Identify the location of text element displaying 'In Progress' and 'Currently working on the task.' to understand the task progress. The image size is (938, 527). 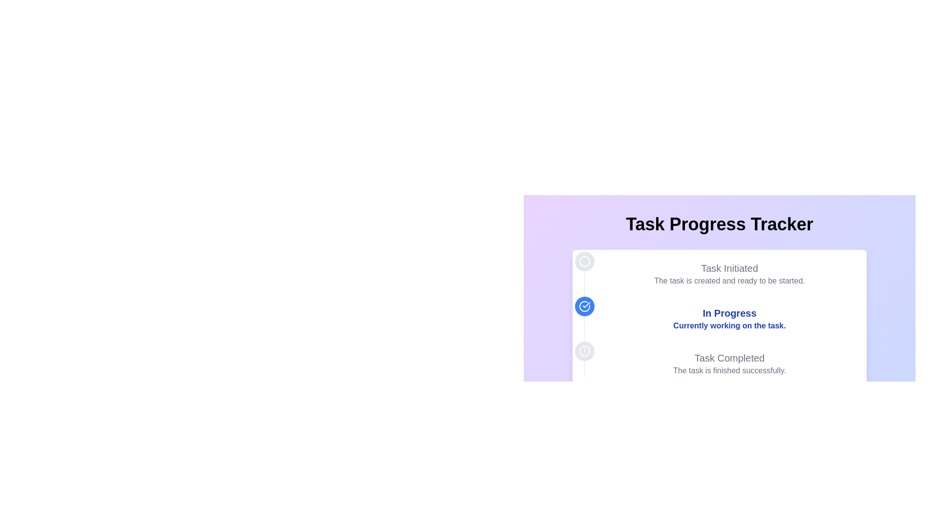
(720, 319).